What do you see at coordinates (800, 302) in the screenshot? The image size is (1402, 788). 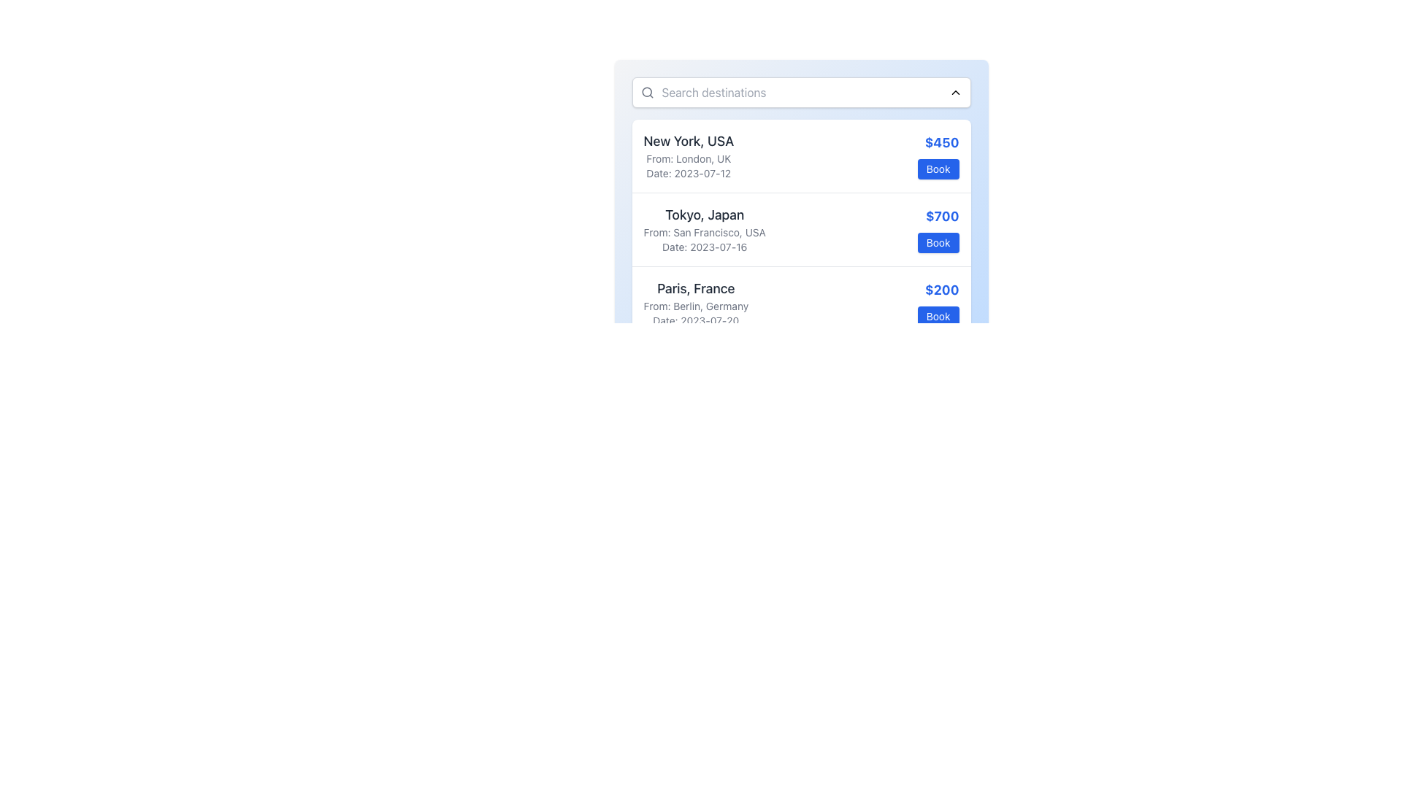 I see `the travel option listing that contains a 'Book' button for the trip from Berlin` at bounding box center [800, 302].